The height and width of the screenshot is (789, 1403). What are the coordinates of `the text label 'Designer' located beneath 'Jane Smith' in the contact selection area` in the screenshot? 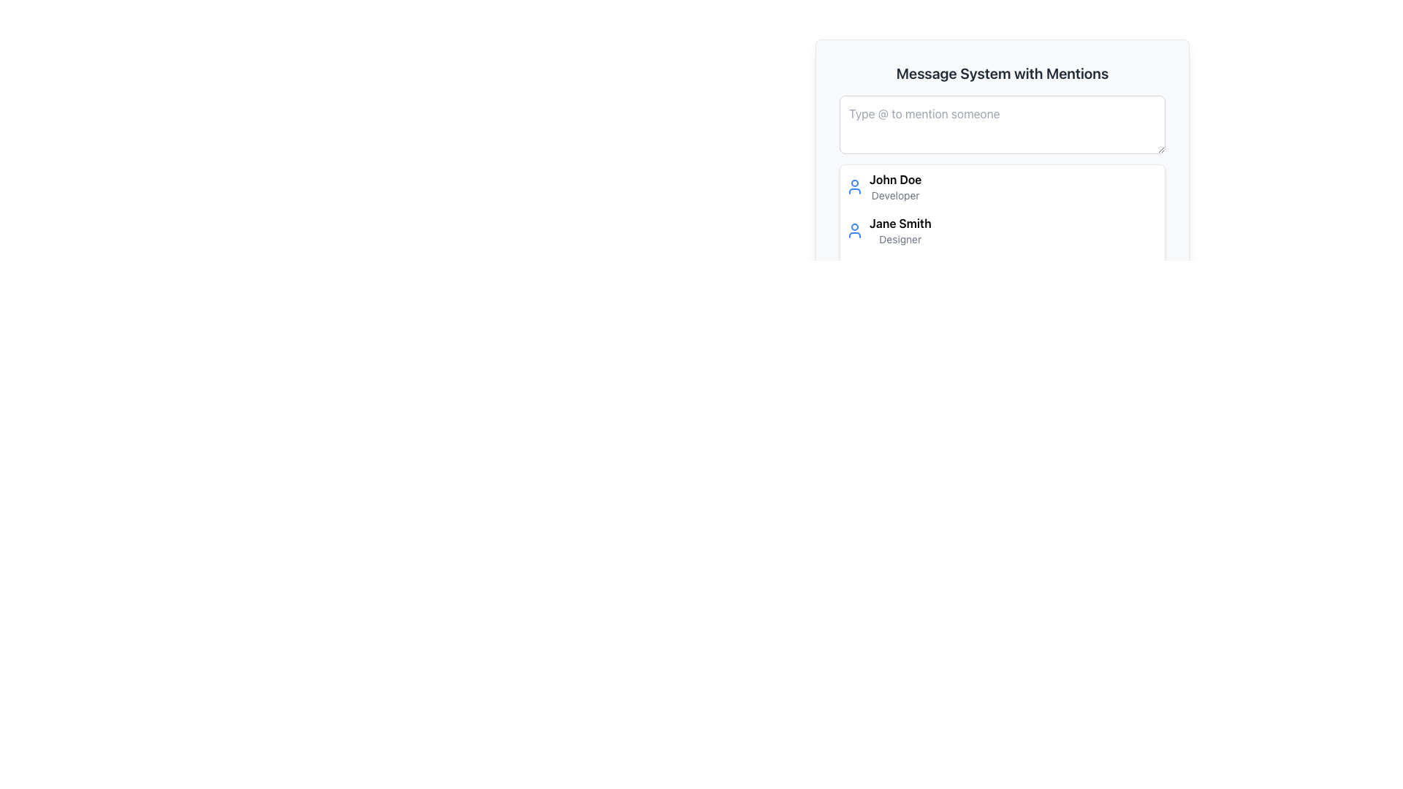 It's located at (900, 238).